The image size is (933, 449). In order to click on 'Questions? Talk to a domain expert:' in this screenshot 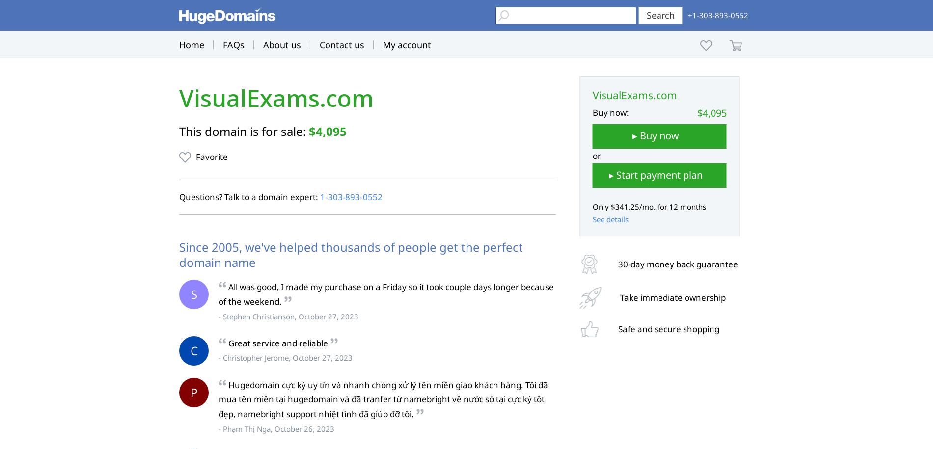, I will do `click(249, 196)`.